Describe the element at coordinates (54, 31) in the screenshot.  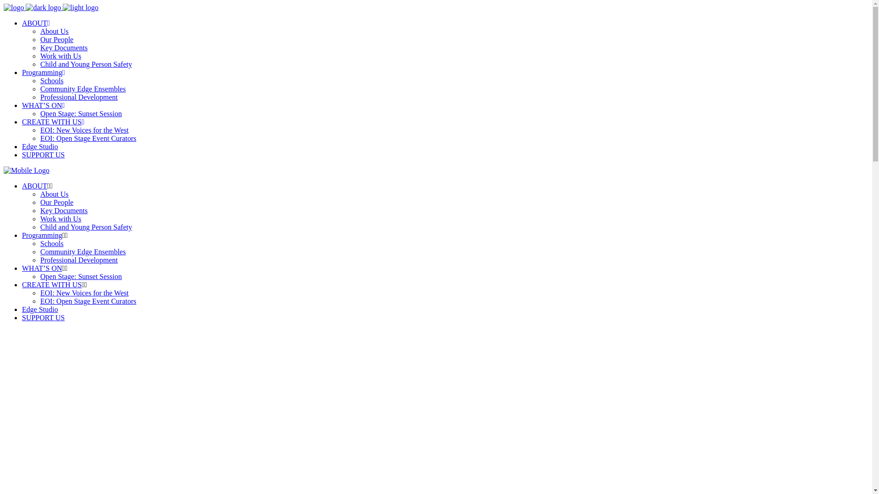
I see `'About Us'` at that location.